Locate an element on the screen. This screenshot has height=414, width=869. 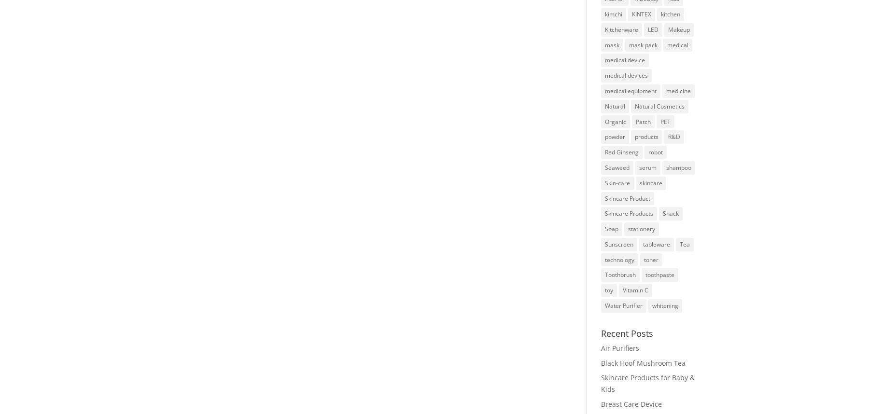
'KINTEX' is located at coordinates (641, 14).